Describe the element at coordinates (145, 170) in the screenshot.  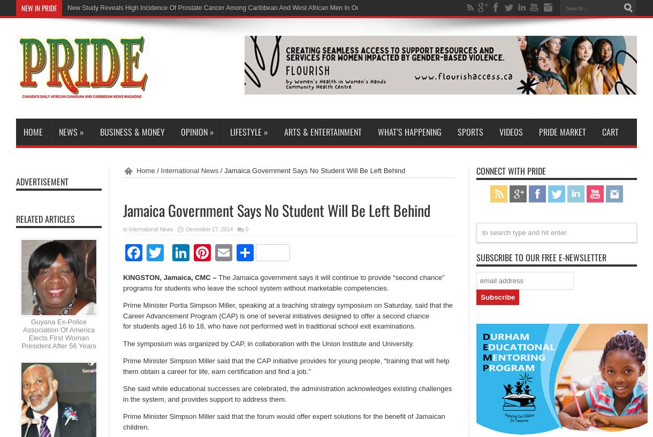
I see `'Home'` at that location.